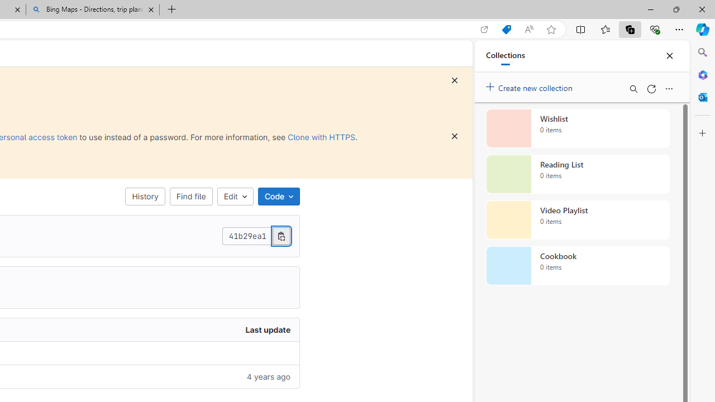 The height and width of the screenshot is (402, 715). What do you see at coordinates (578, 265) in the screenshot?
I see `'Cookbook collection, 0 items'` at bounding box center [578, 265].